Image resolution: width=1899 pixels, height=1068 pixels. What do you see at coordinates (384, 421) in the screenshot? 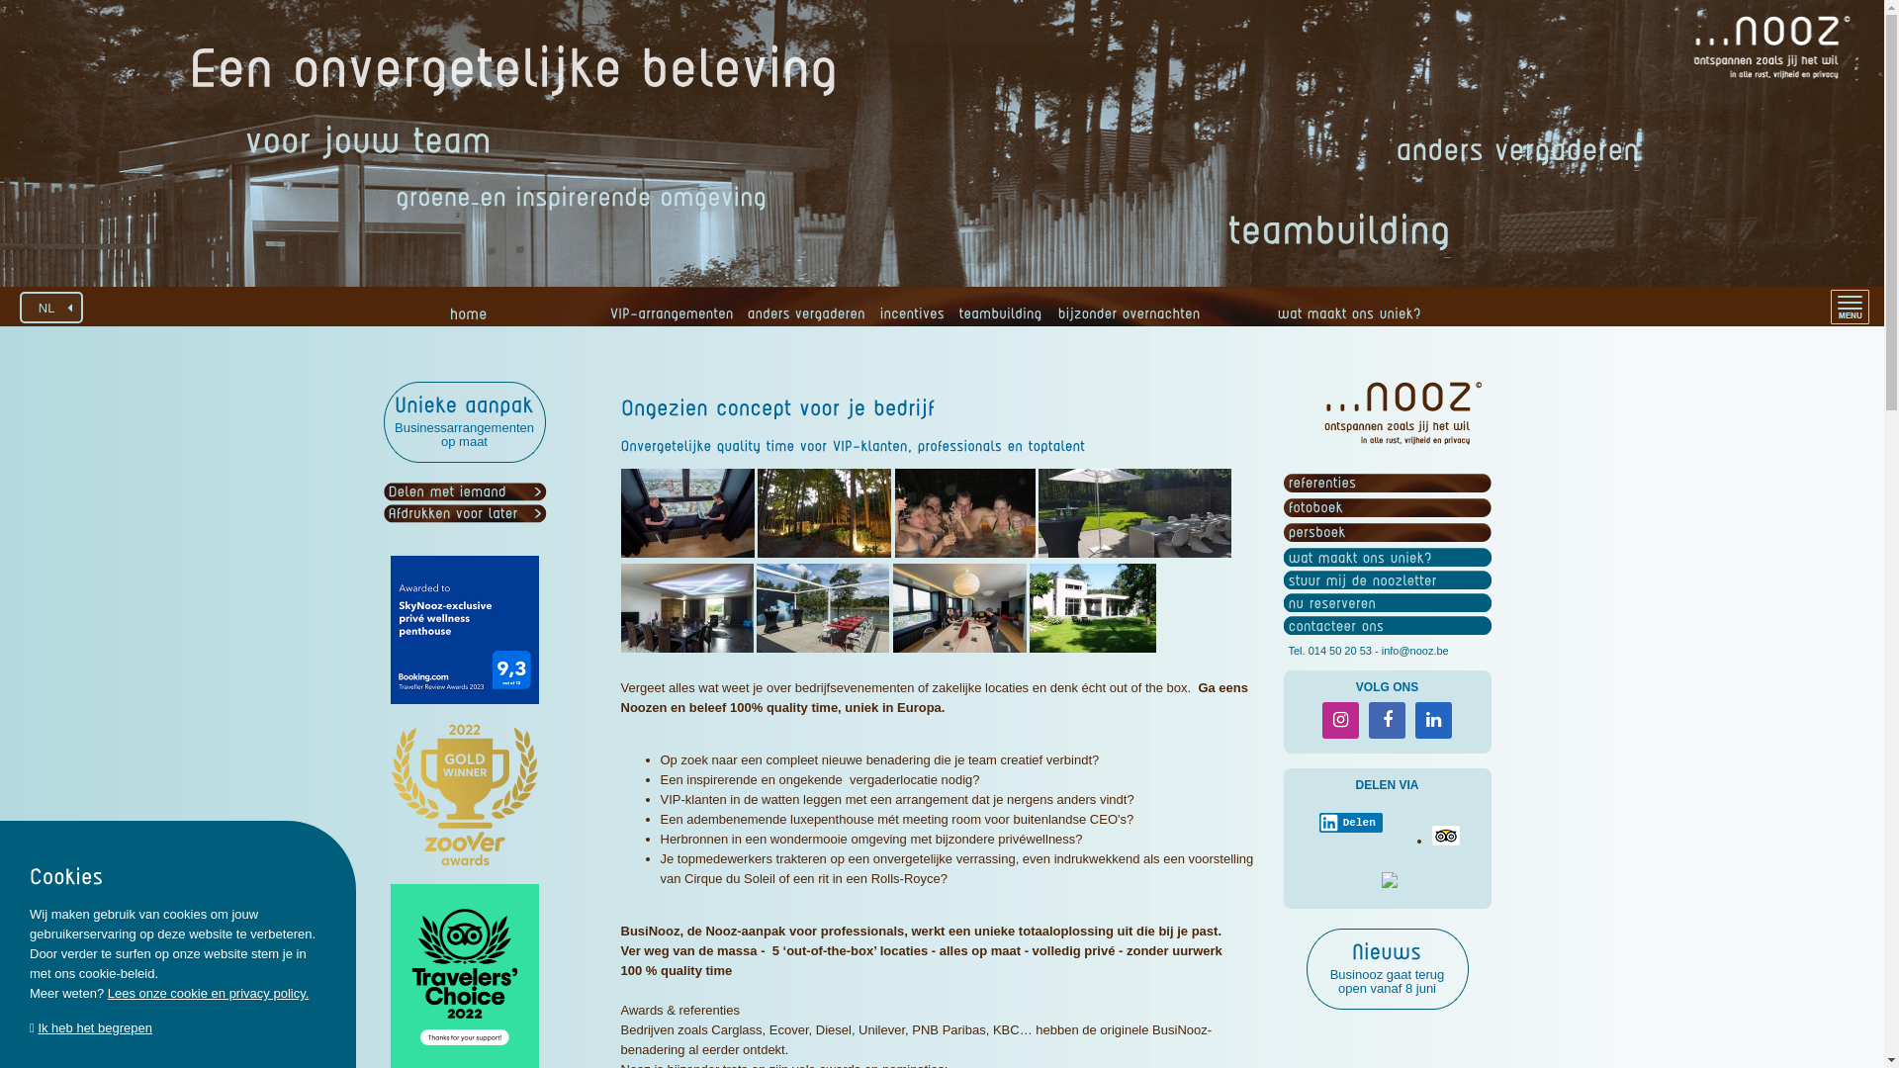
I see `'Unieke aanpak` at bounding box center [384, 421].